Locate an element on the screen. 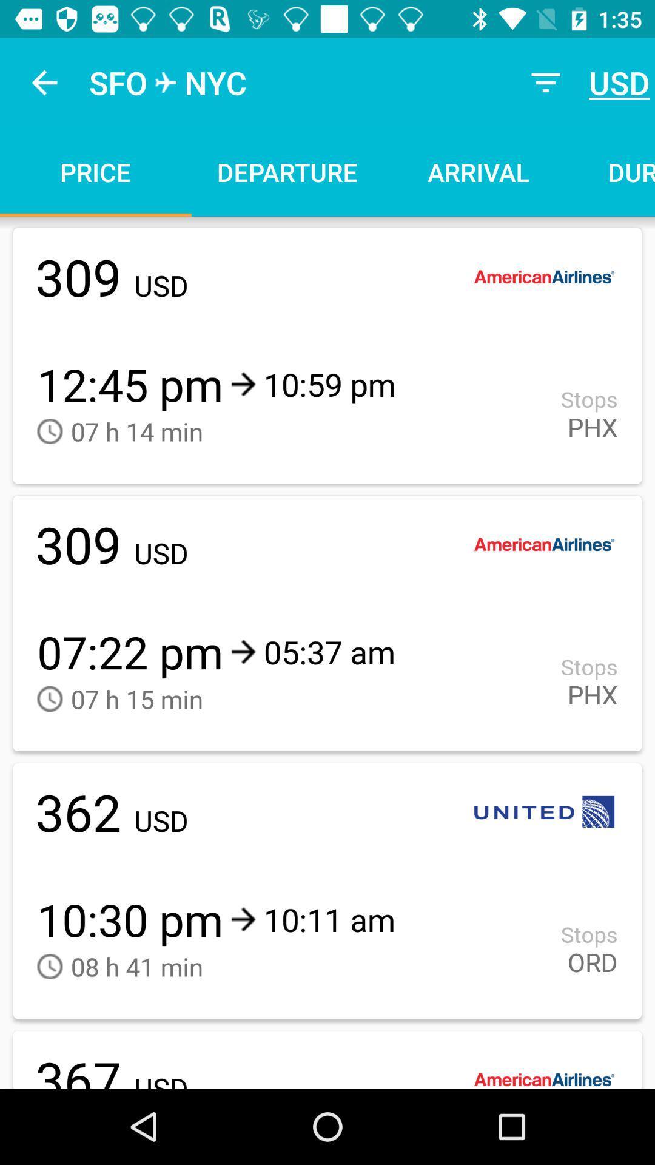 Image resolution: width=655 pixels, height=1165 pixels. the icon next to the usd item is located at coordinates (545, 82).